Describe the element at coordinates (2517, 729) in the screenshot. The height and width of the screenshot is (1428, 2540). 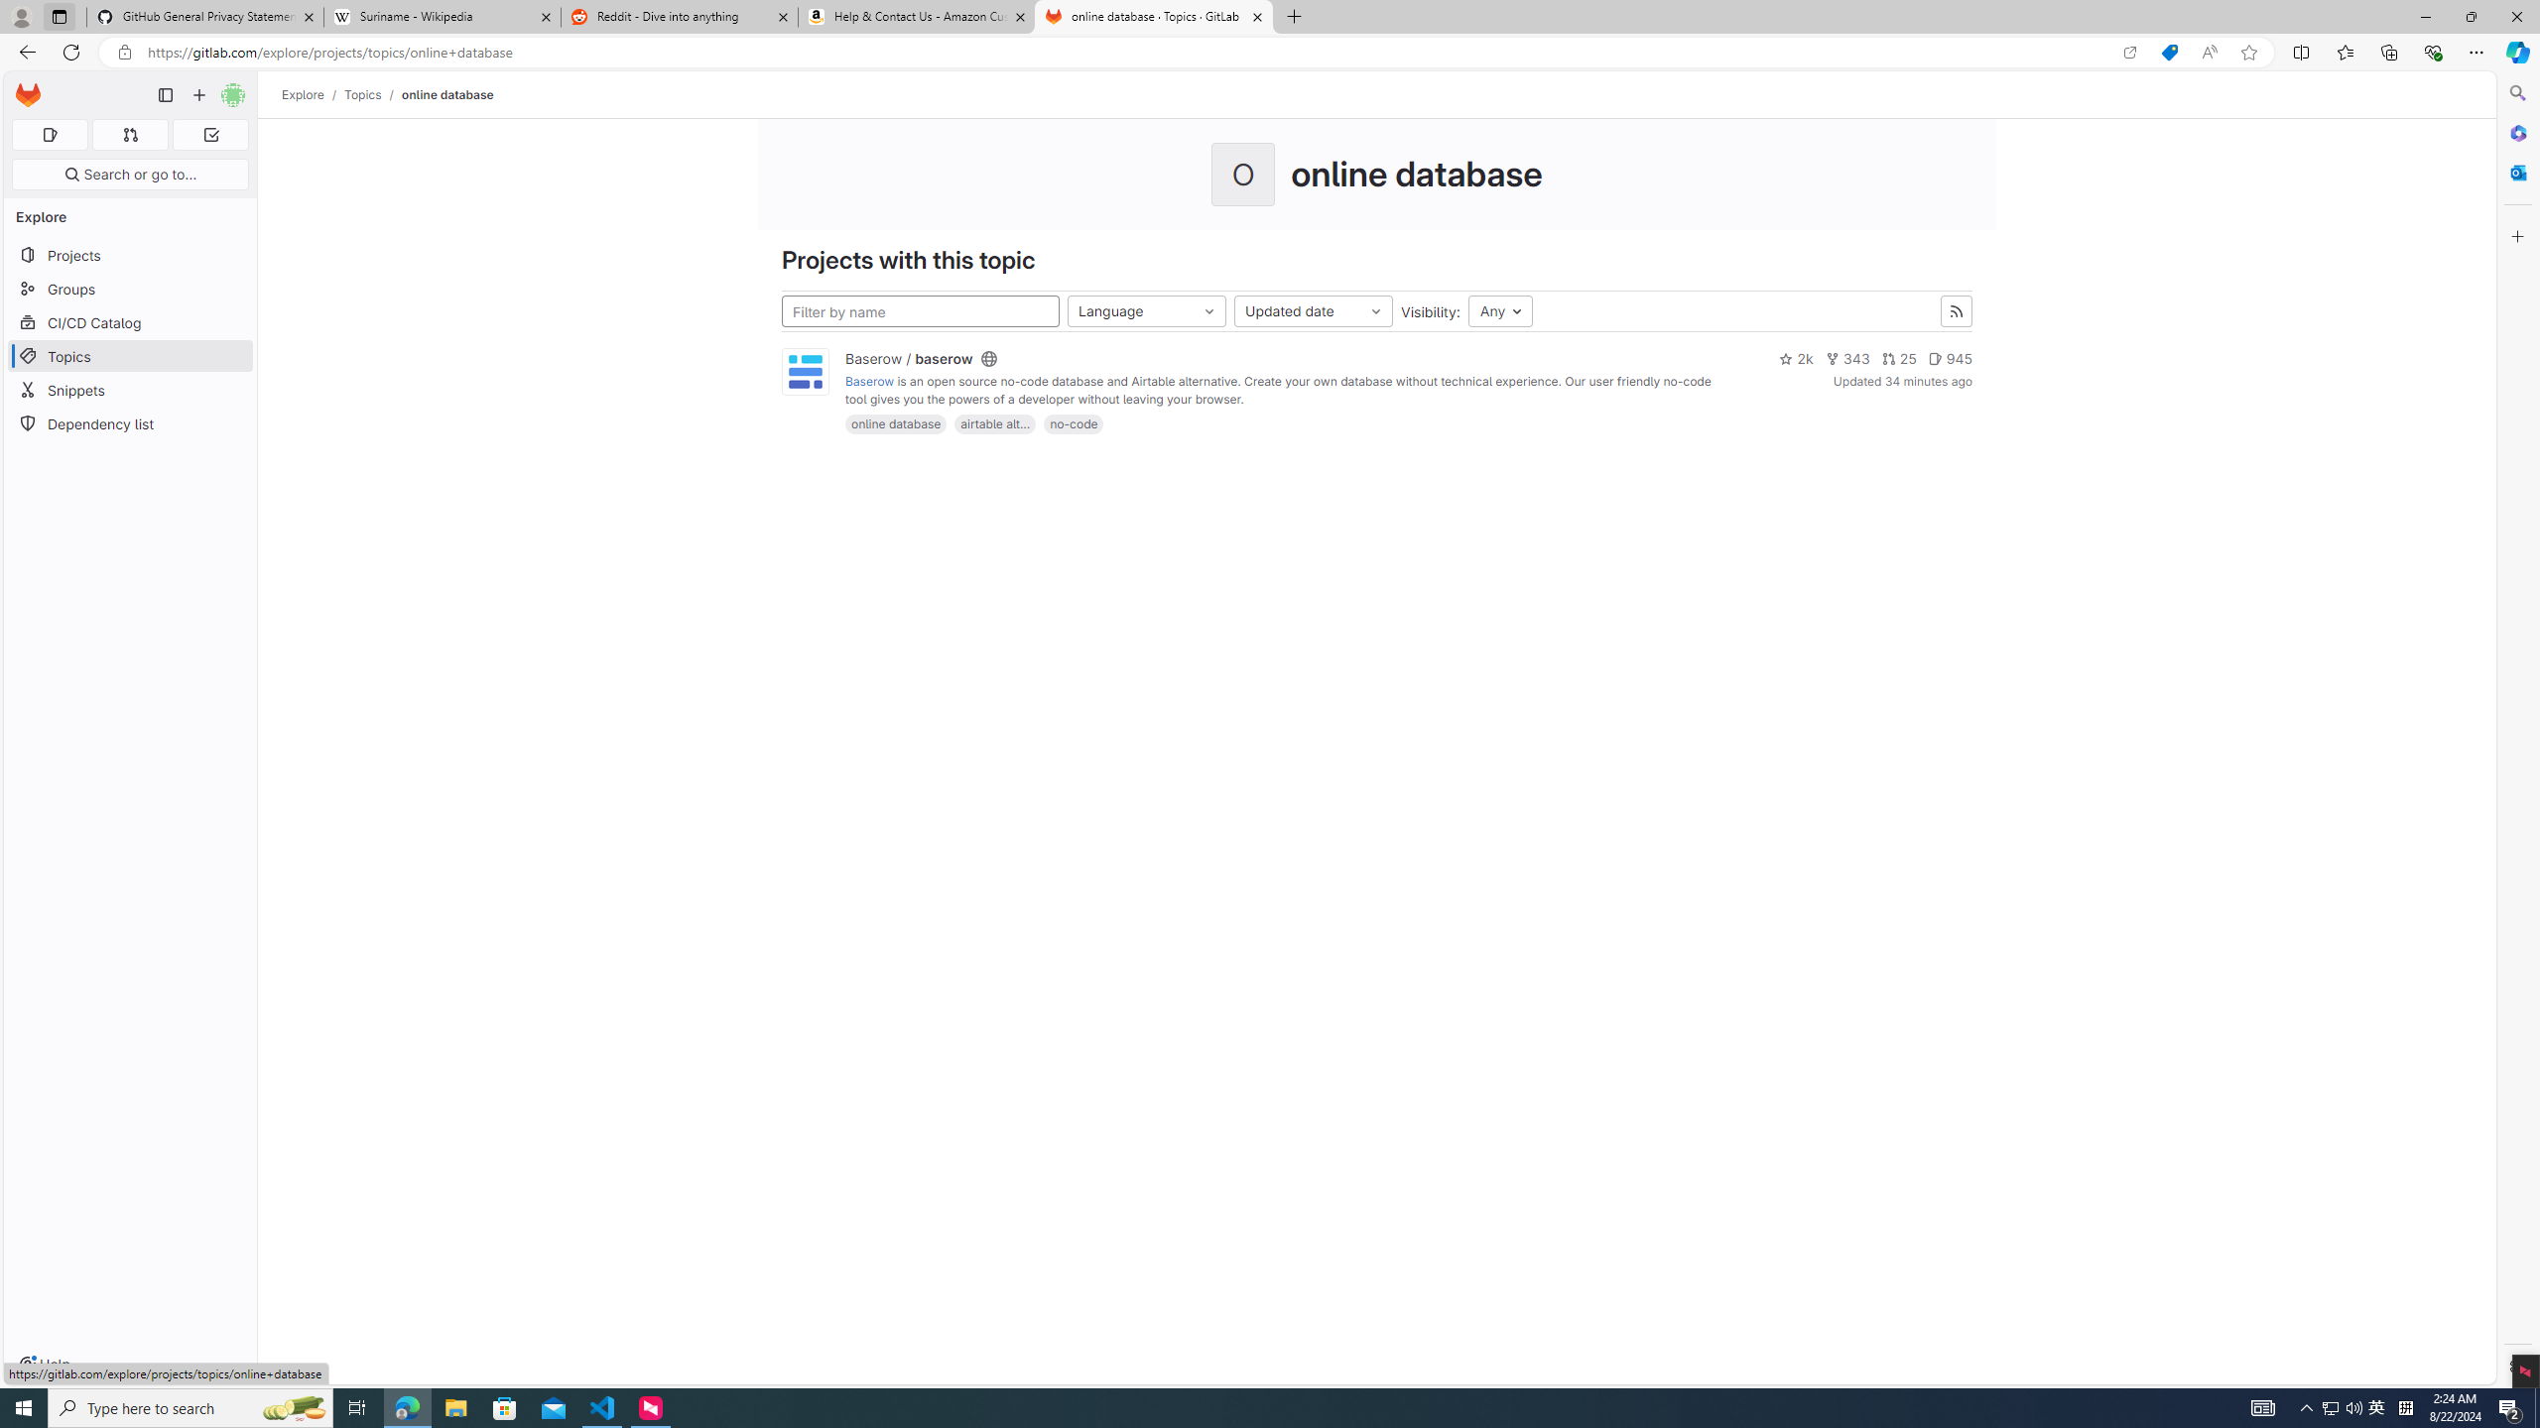
I see `'Side bar'` at that location.